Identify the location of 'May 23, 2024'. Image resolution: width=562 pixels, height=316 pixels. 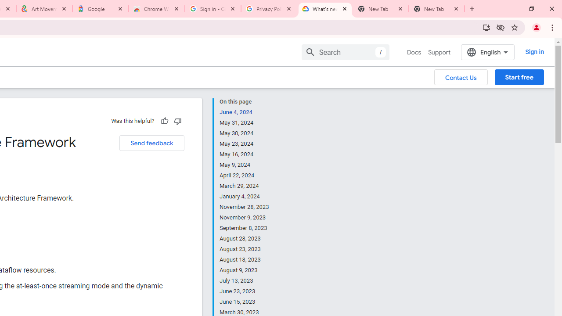
(245, 143).